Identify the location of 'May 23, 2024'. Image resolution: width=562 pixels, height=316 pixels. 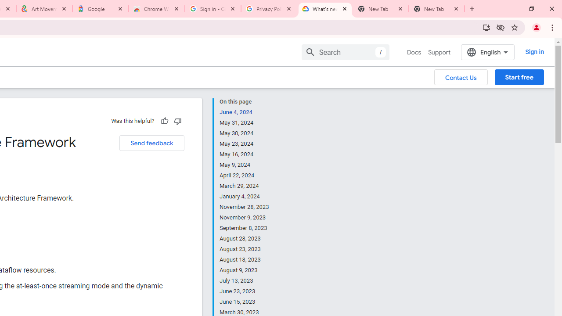
(245, 143).